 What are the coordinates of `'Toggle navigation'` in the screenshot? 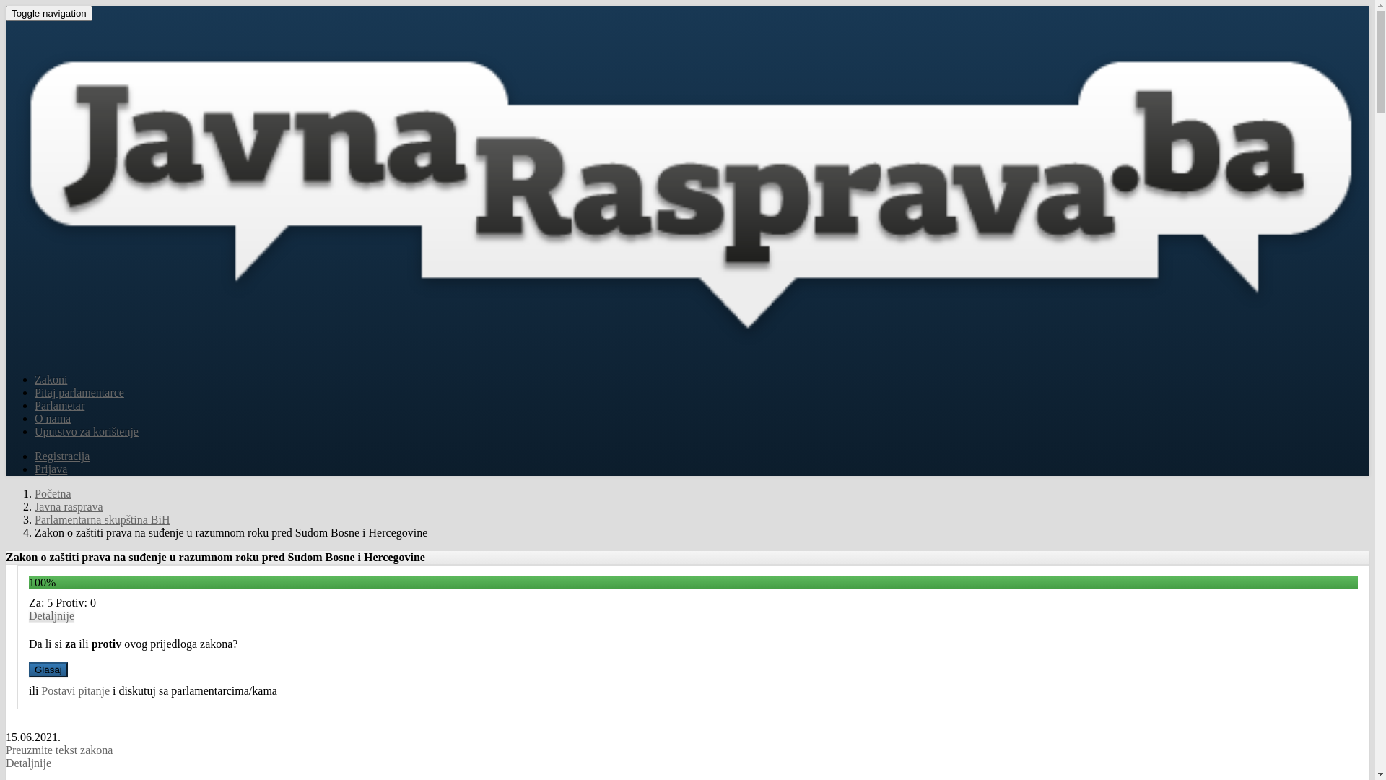 It's located at (48, 13).